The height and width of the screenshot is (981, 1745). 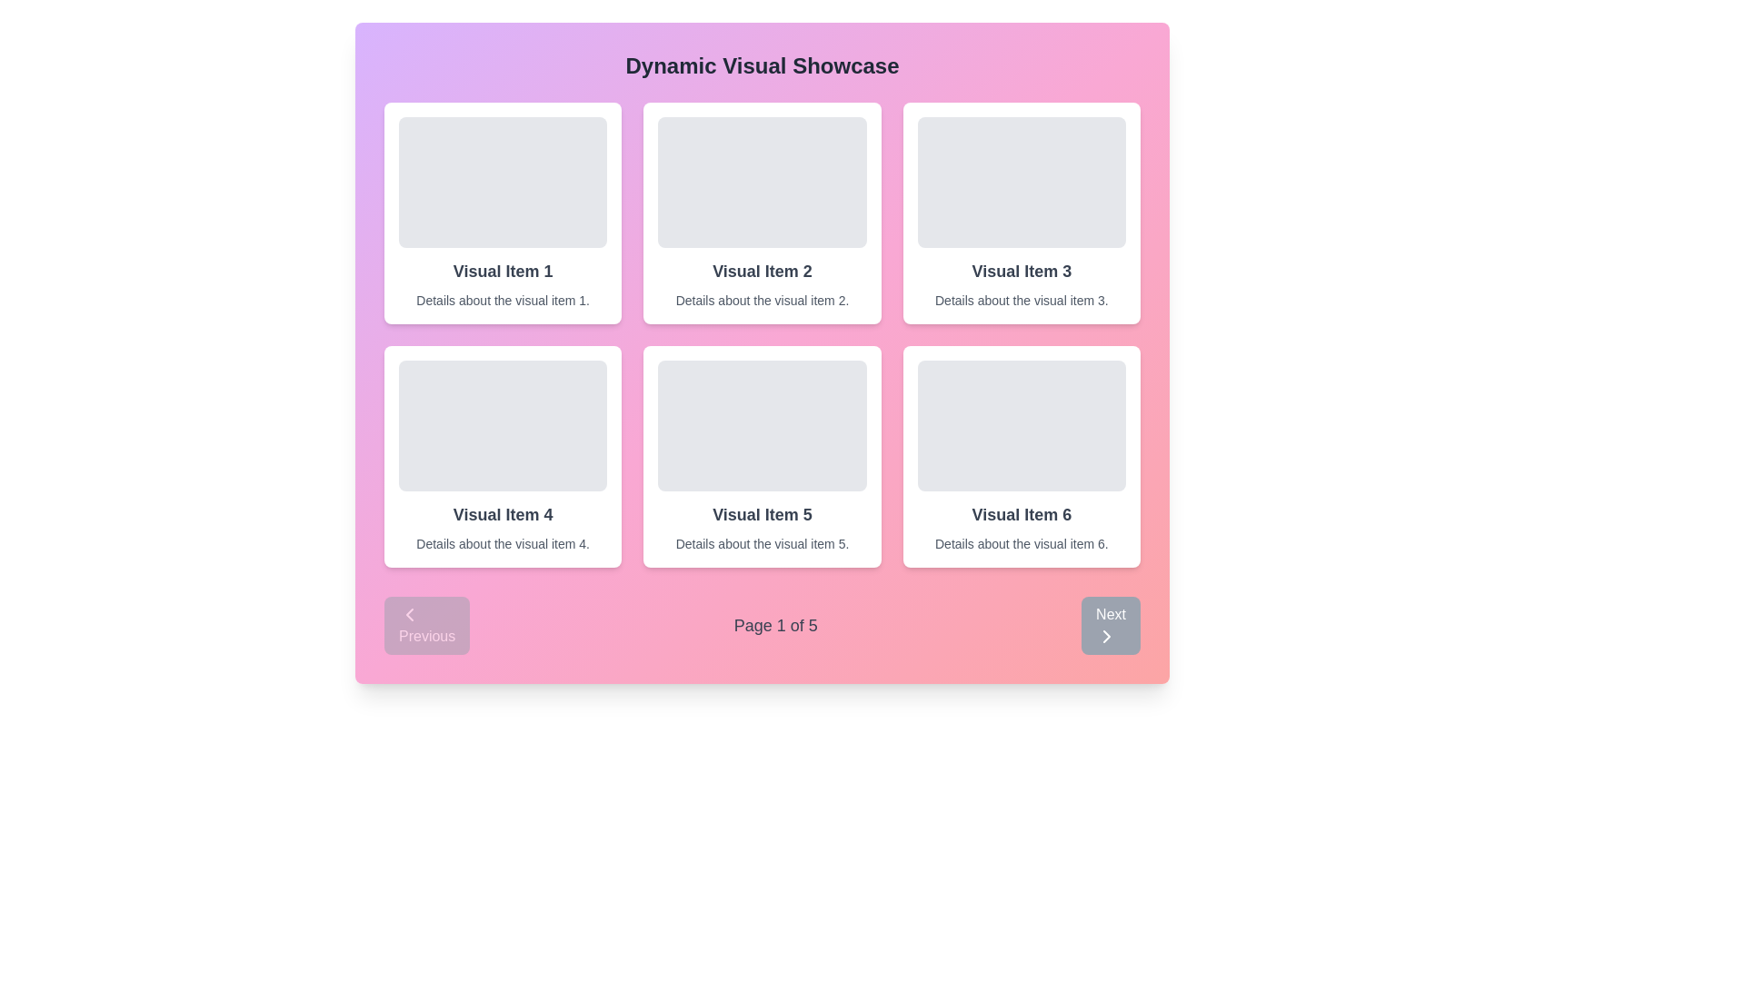 I want to click on the pagination button located to the right of the text 'Page 1 of 5', so click(x=1110, y=625).